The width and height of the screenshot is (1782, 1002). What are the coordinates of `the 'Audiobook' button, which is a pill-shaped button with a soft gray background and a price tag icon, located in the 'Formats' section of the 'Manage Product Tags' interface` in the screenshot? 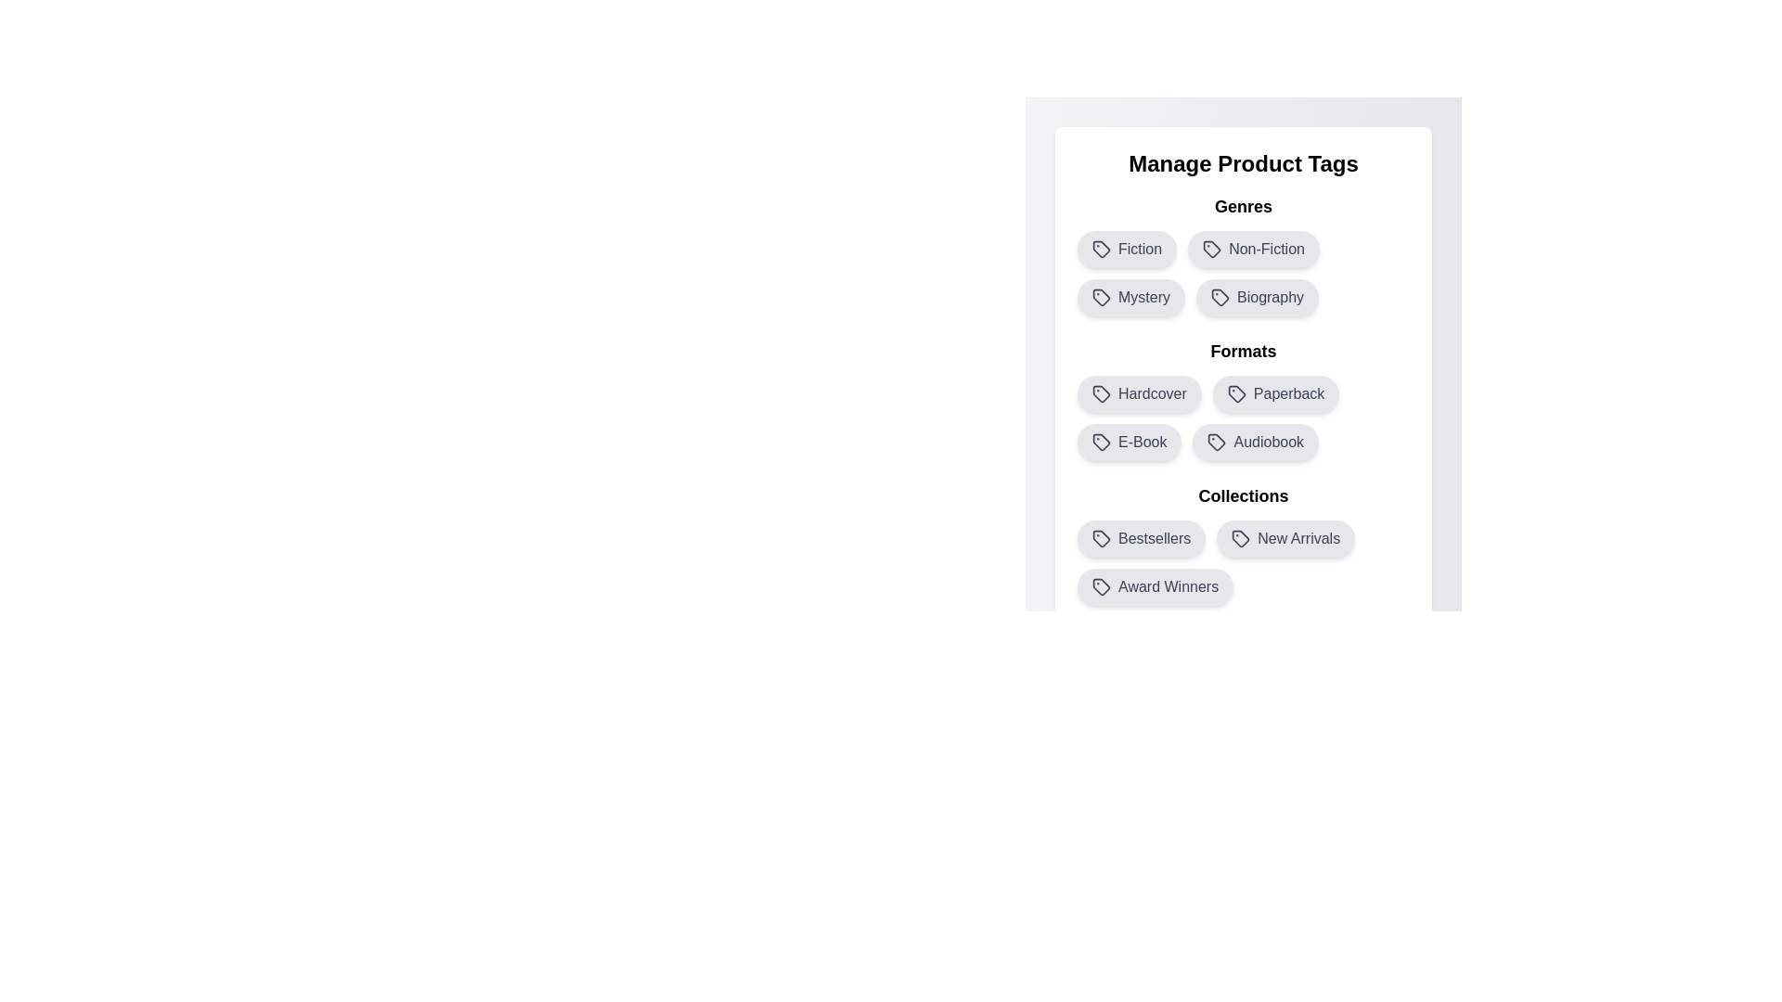 It's located at (1256, 443).